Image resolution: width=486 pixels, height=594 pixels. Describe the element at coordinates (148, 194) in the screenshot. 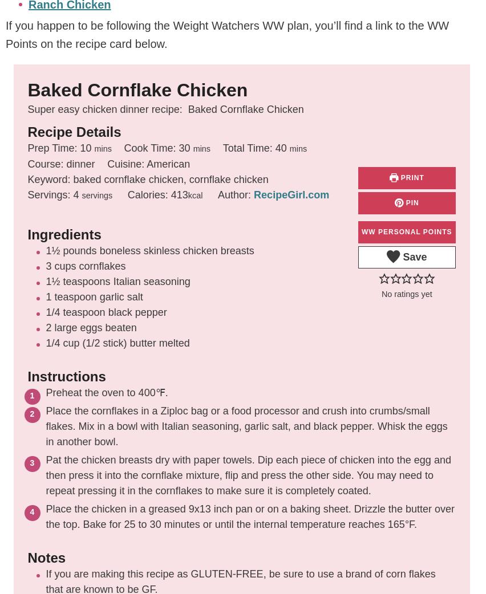

I see `'Calories:'` at that location.